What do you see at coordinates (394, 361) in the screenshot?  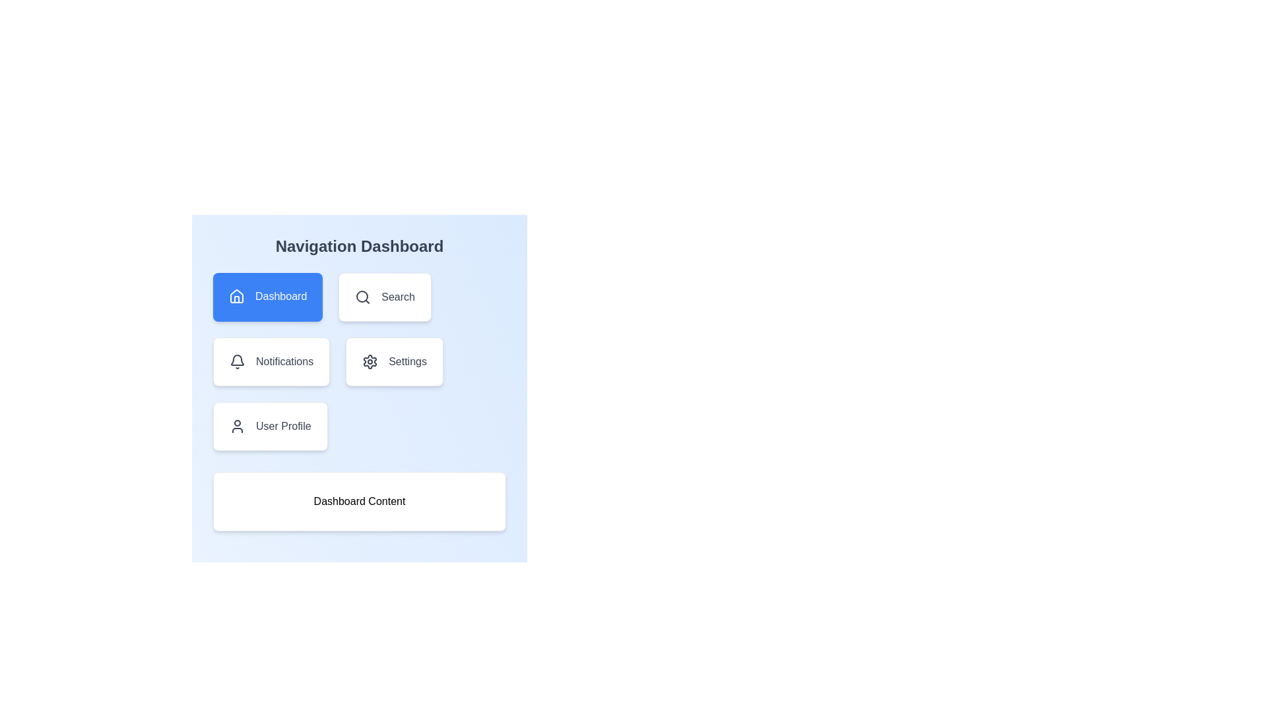 I see `the 'Settings' navigation link` at bounding box center [394, 361].